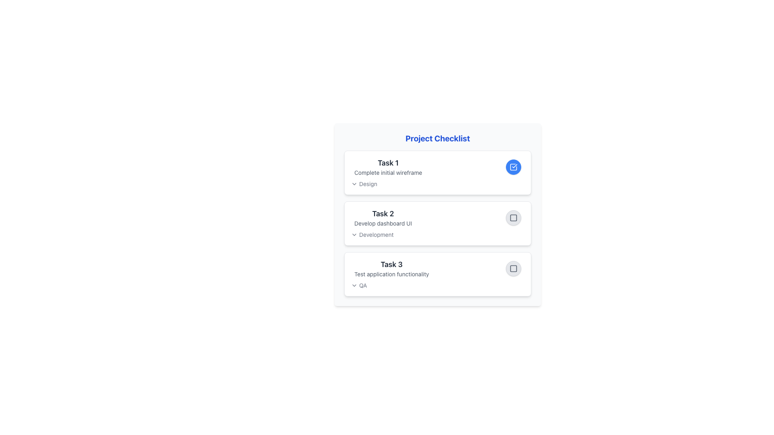 Image resolution: width=774 pixels, height=435 pixels. Describe the element at coordinates (362, 285) in the screenshot. I see `and interpret the text label 'QA' which is horizontally aligned with a small graphical icon on its left, located in the third task section 'Task 3' under the 'Project Checklist'` at that location.